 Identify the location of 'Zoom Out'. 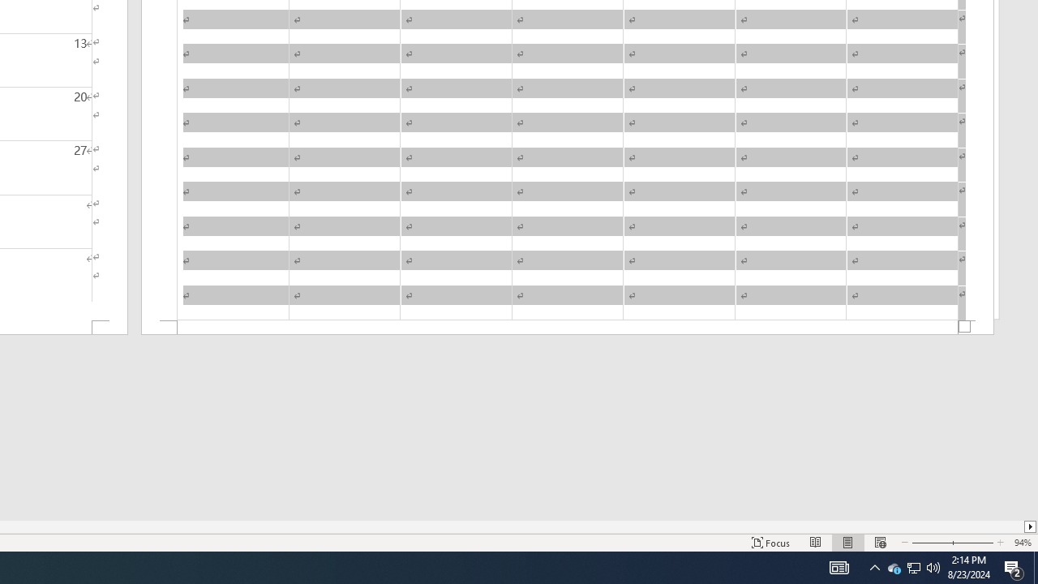
(930, 543).